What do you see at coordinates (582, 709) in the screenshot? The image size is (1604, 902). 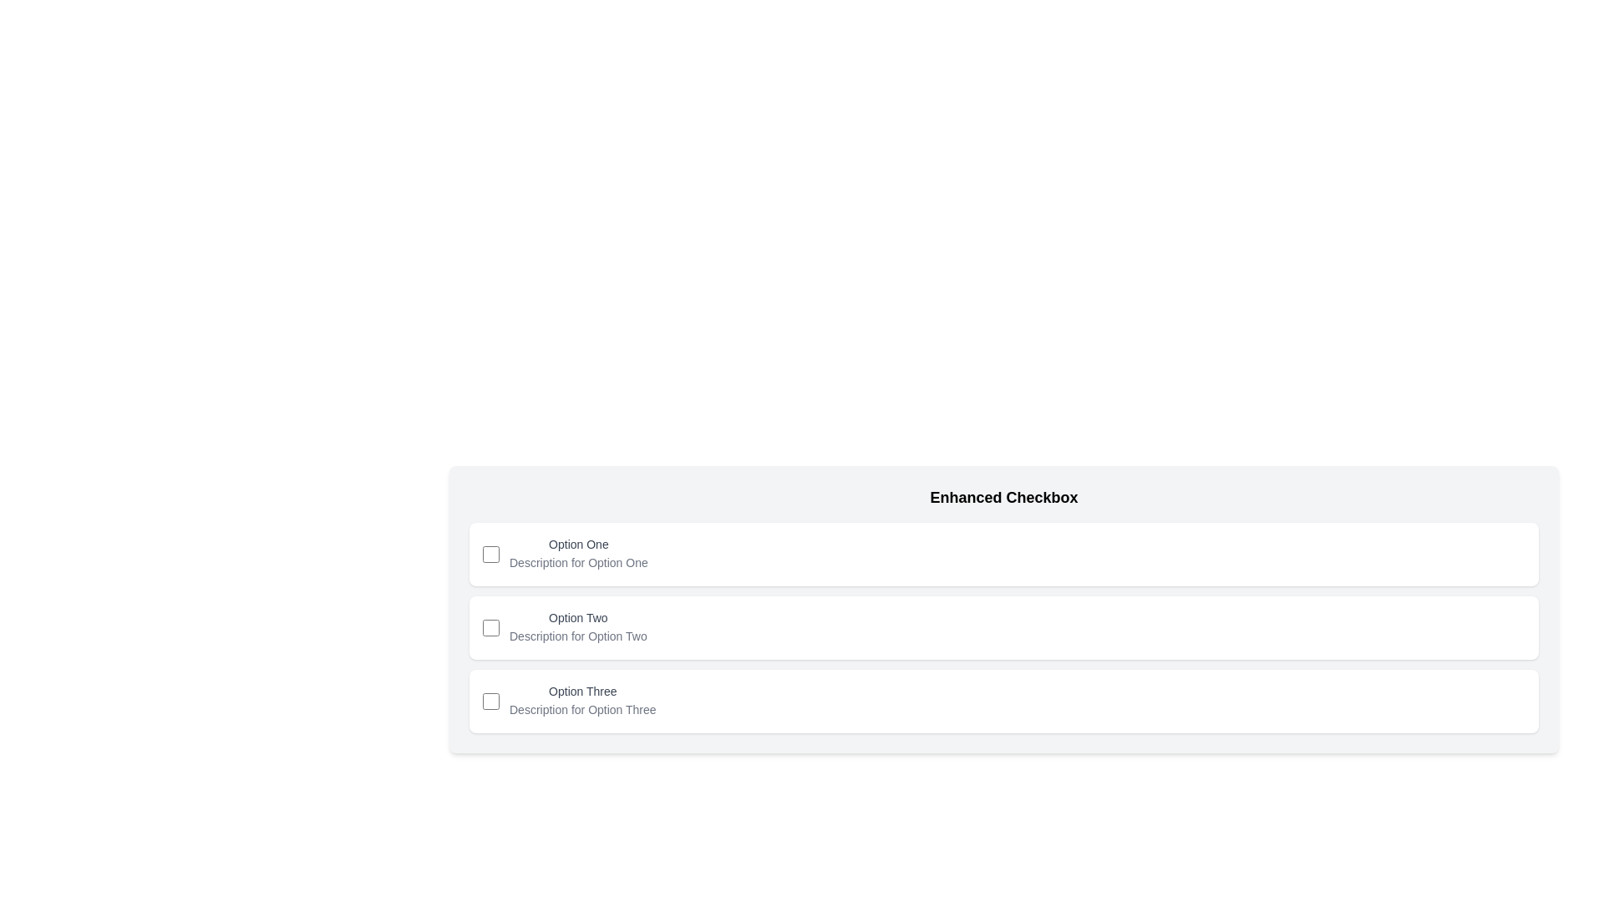 I see `the Text Label that provides additional descriptive information for the 'Option Three' checkbox, located on the third row of the grouped options and slightly to the right of the checkbox` at bounding box center [582, 709].